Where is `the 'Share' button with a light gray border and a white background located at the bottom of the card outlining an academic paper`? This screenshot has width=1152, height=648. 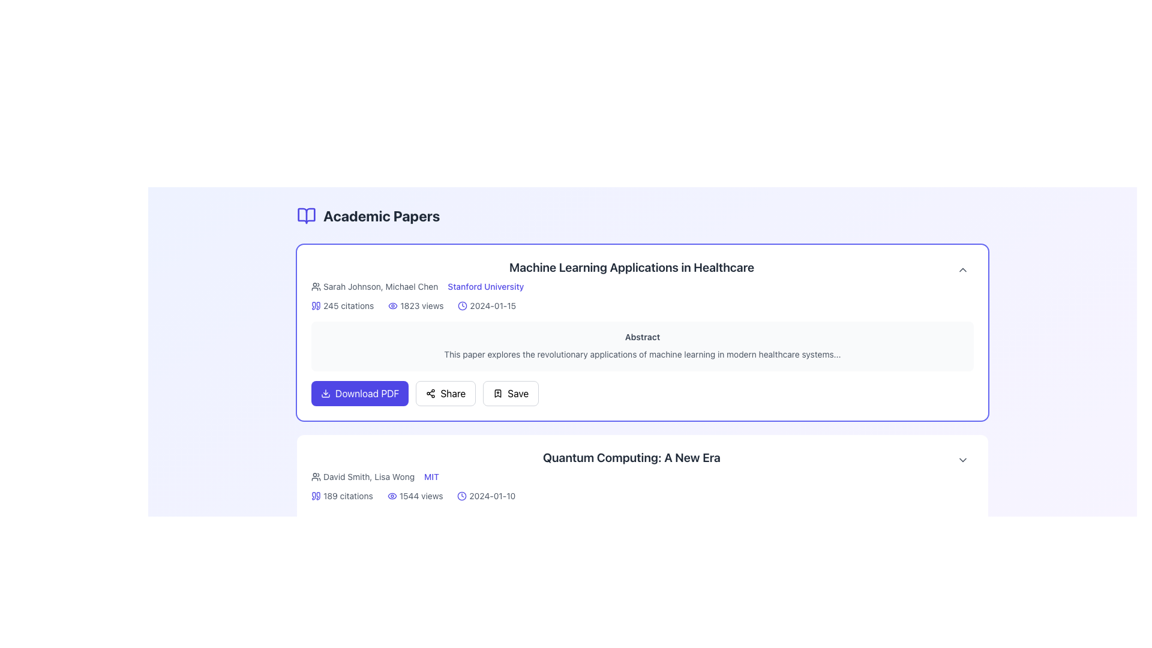
the 'Share' button with a light gray border and a white background located at the bottom of the card outlining an academic paper is located at coordinates (445, 393).